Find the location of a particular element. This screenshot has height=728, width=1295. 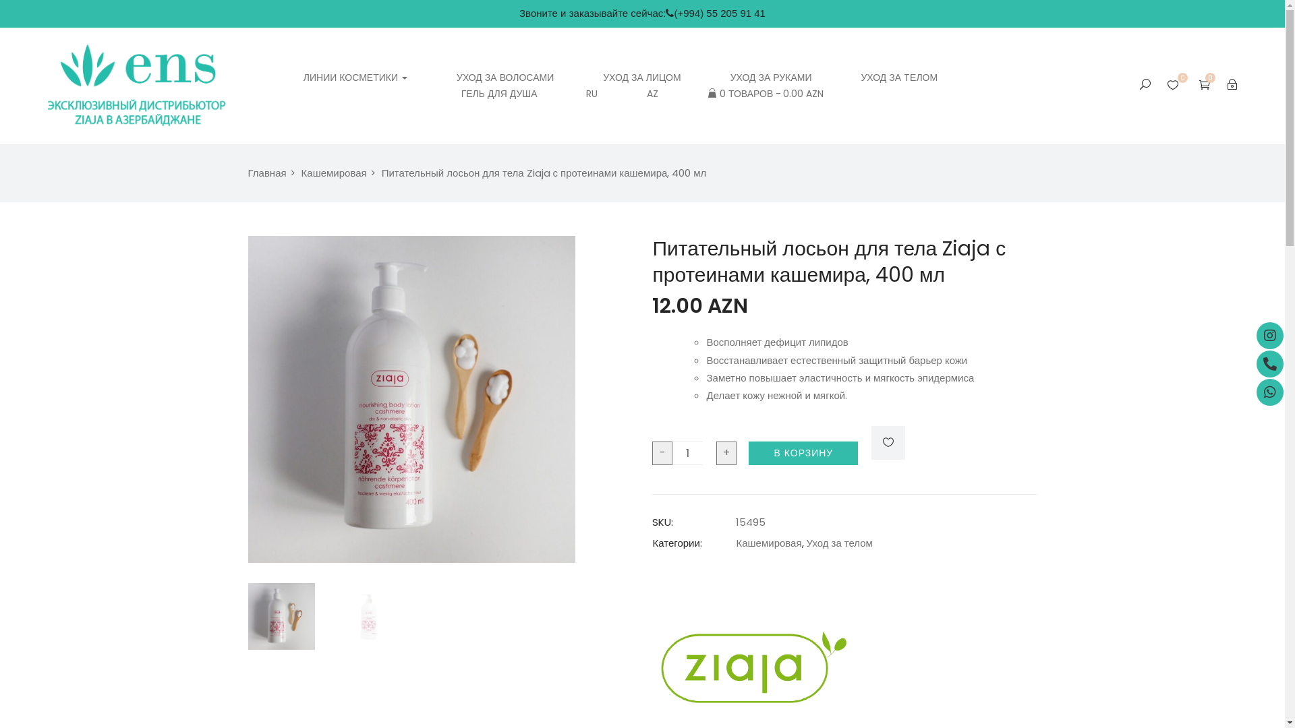

'0' is located at coordinates (1174, 85).